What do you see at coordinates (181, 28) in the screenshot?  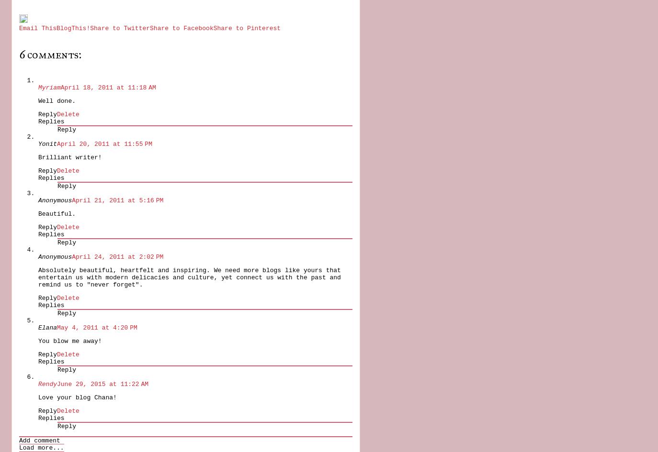 I see `'Share to Facebook'` at bounding box center [181, 28].